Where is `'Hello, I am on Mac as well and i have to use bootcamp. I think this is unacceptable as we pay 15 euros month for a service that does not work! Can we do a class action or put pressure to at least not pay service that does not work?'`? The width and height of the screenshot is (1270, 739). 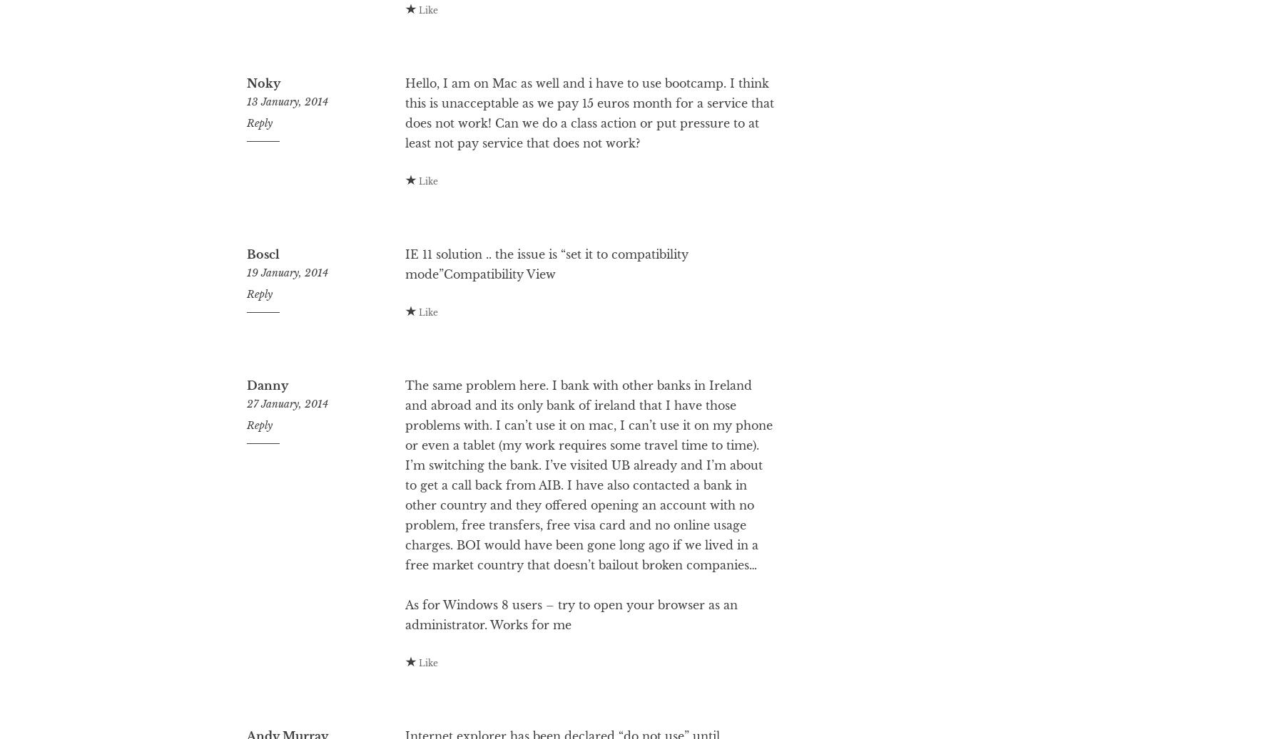 'Hello, I am on Mac as well and i have to use bootcamp. I think this is unacceptable as we pay 15 euros month for a service that does not work! Can we do a class action or put pressure to at least not pay service that does not work?' is located at coordinates (588, 170).